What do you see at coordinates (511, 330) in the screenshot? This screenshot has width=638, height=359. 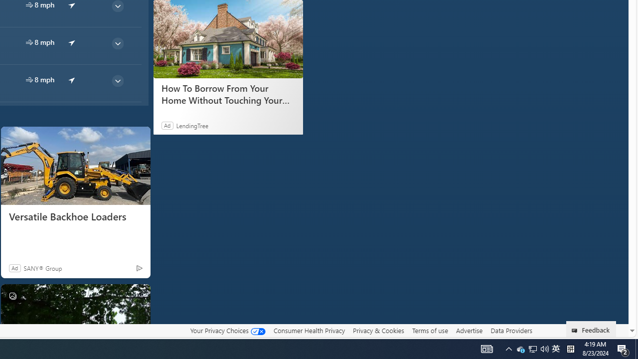 I see `'Data Providers'` at bounding box center [511, 330].